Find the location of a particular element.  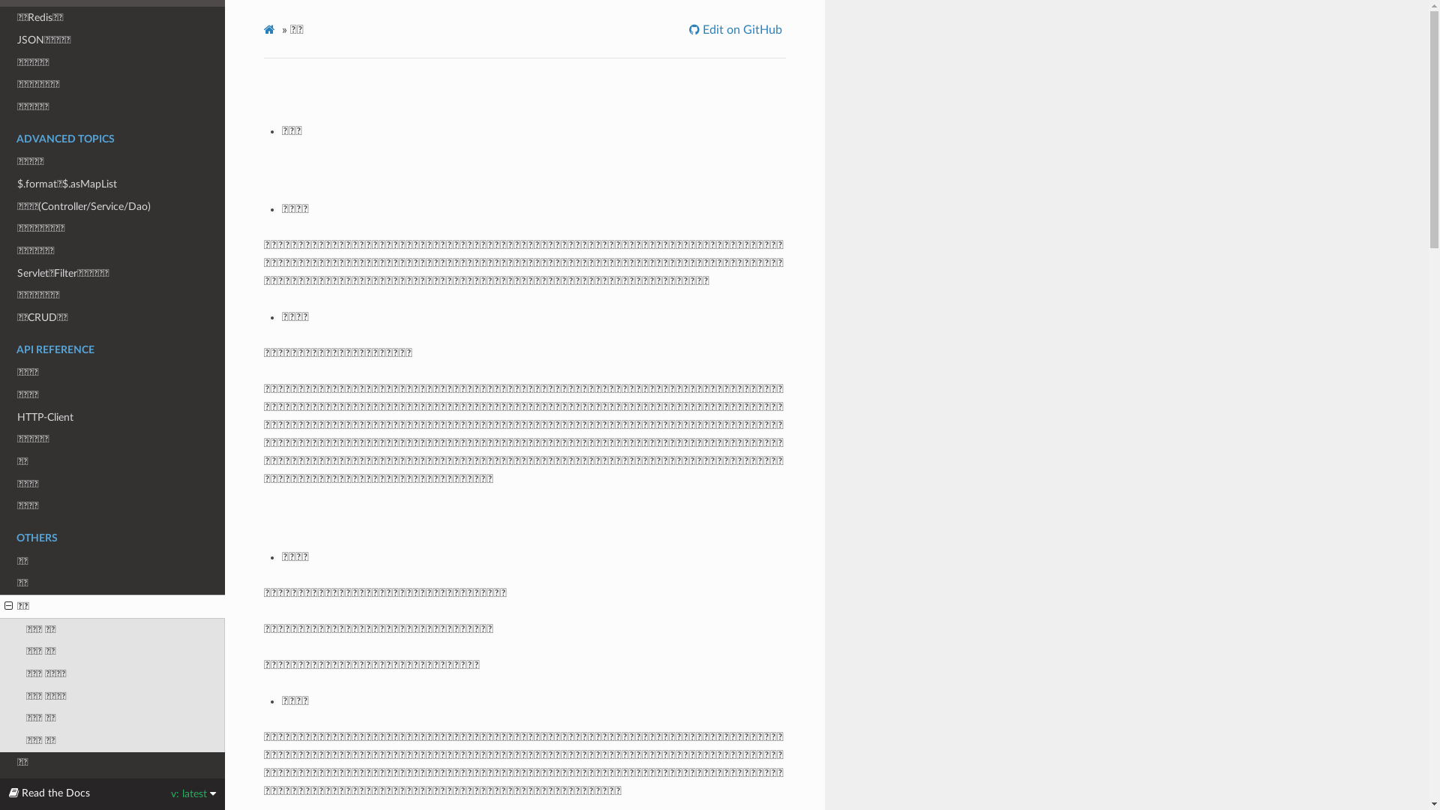

'HTTP-Client' is located at coordinates (111, 417).